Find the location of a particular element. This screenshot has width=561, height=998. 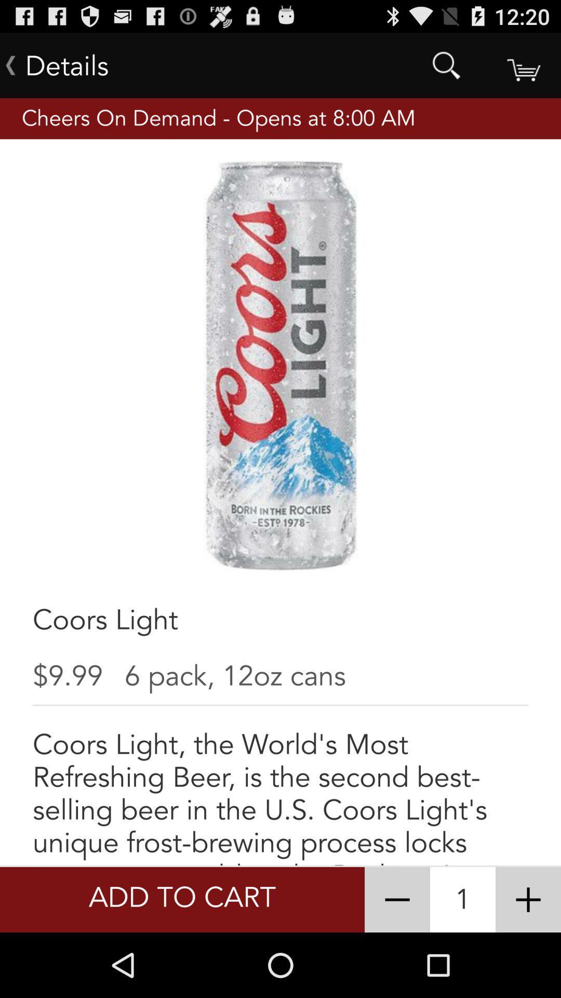

shopping cart add to cart is located at coordinates (523, 64).